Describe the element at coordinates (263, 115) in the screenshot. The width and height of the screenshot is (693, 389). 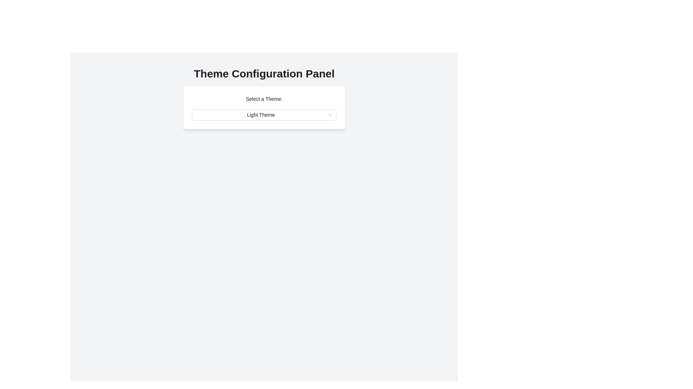
I see `the dropdown menu labeled 'Light Theme' located in the 'Theme Configuration Panel'` at that location.